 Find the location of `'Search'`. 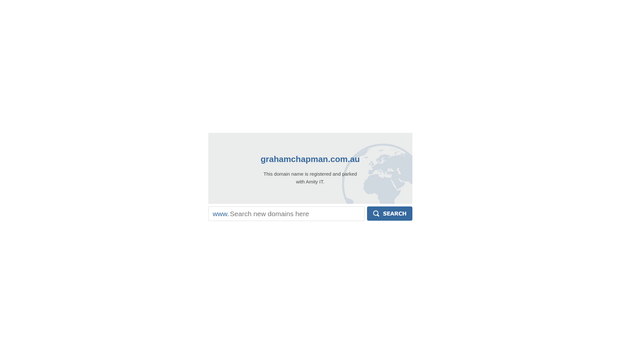

'Search' is located at coordinates (389, 214).